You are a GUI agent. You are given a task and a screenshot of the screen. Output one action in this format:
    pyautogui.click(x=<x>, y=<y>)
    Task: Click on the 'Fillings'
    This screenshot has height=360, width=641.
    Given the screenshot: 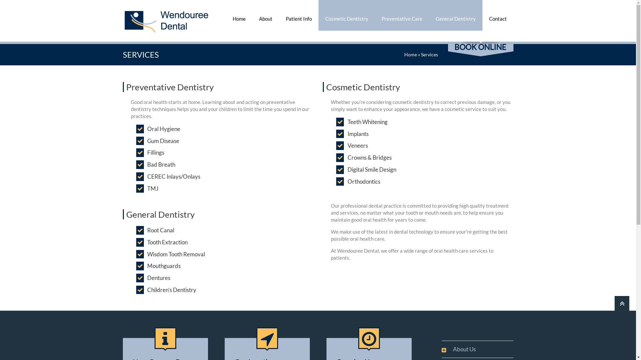 What is the action you would take?
    pyautogui.click(x=147, y=153)
    